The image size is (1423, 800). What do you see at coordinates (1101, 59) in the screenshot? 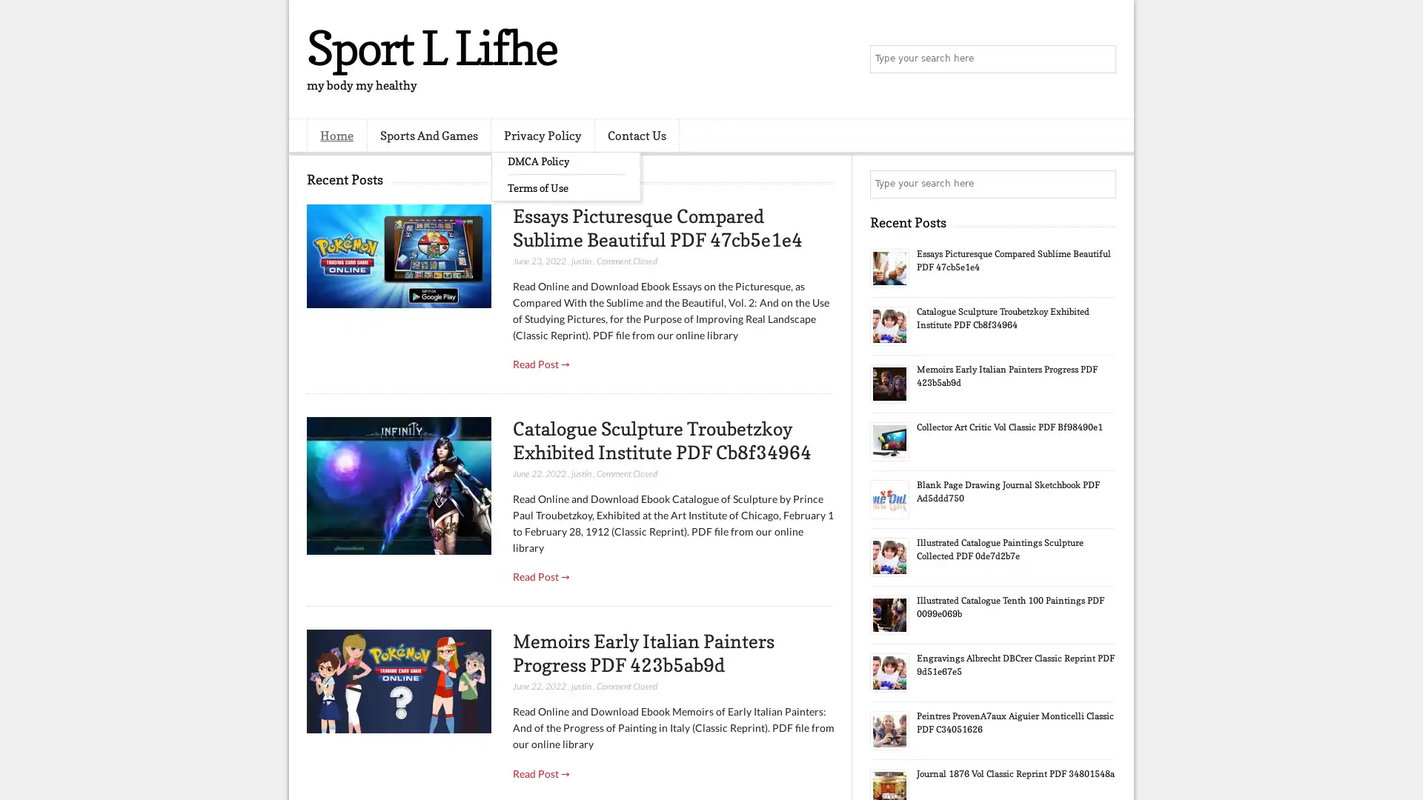
I see `Search` at bounding box center [1101, 59].